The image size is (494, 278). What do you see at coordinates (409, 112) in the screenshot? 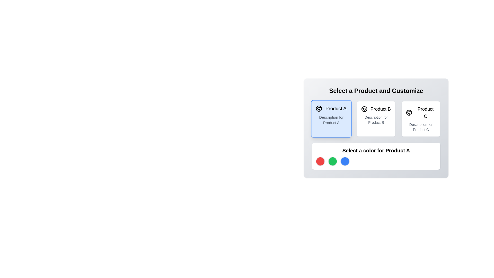
I see `the small circular icon resembling a web browser logo, which is positioned to the left of the text 'Product C'` at bounding box center [409, 112].